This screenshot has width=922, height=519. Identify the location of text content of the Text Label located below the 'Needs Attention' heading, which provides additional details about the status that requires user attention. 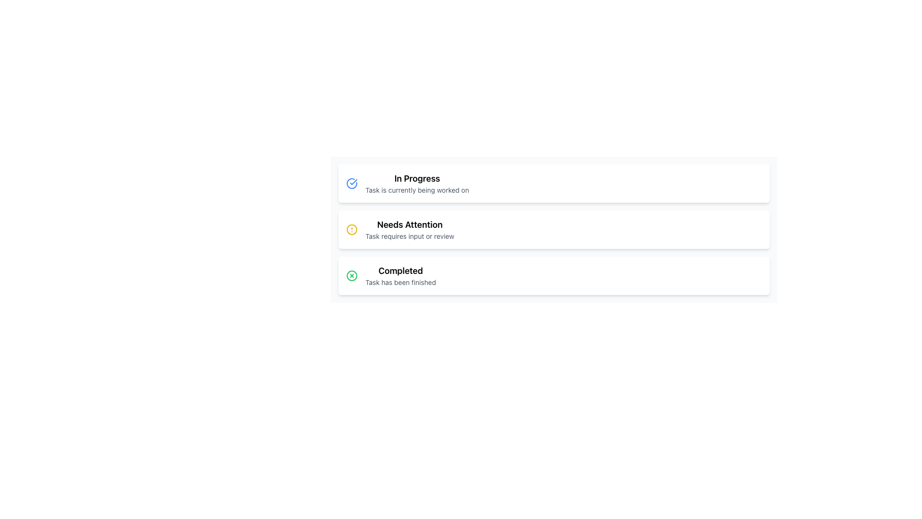
(410, 236).